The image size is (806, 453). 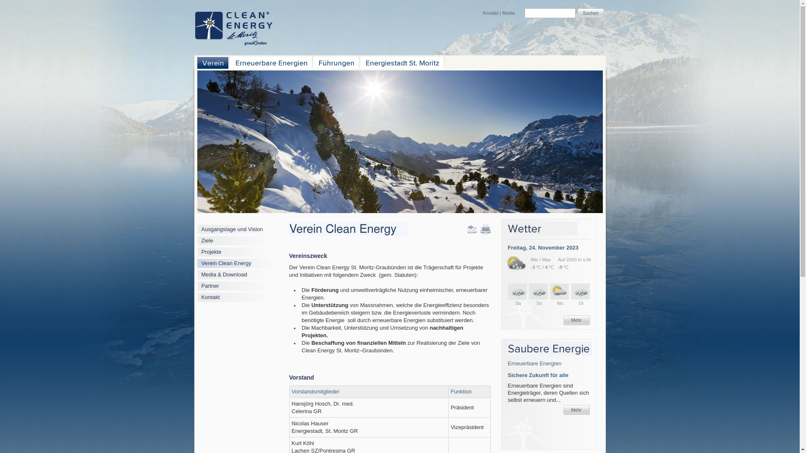 I want to click on 'Erneuerbare Energien', so click(x=534, y=363).